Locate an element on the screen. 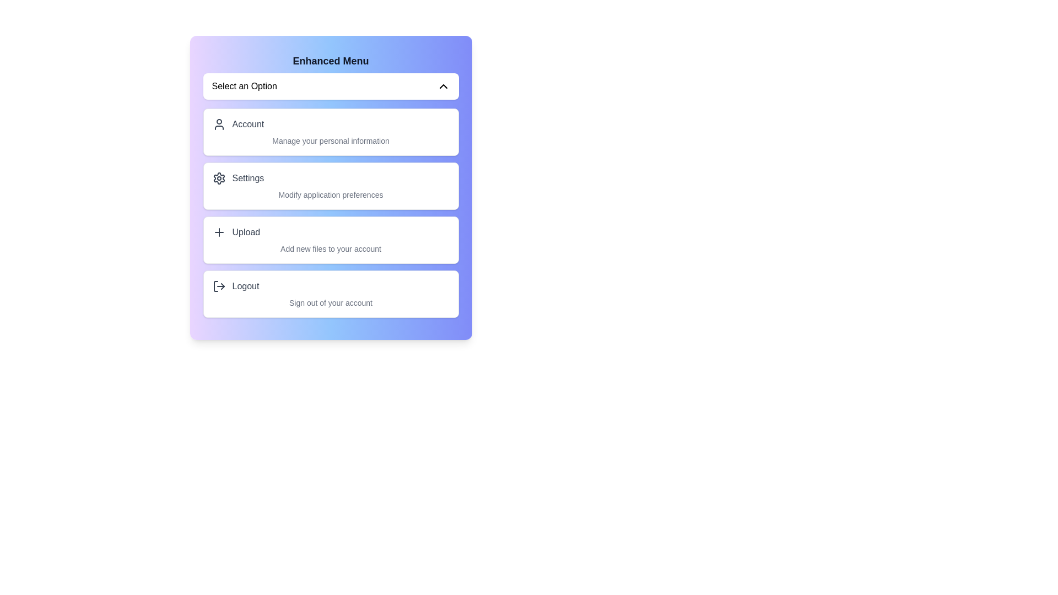  the menu option corresponding to Account to select it is located at coordinates (330, 131).